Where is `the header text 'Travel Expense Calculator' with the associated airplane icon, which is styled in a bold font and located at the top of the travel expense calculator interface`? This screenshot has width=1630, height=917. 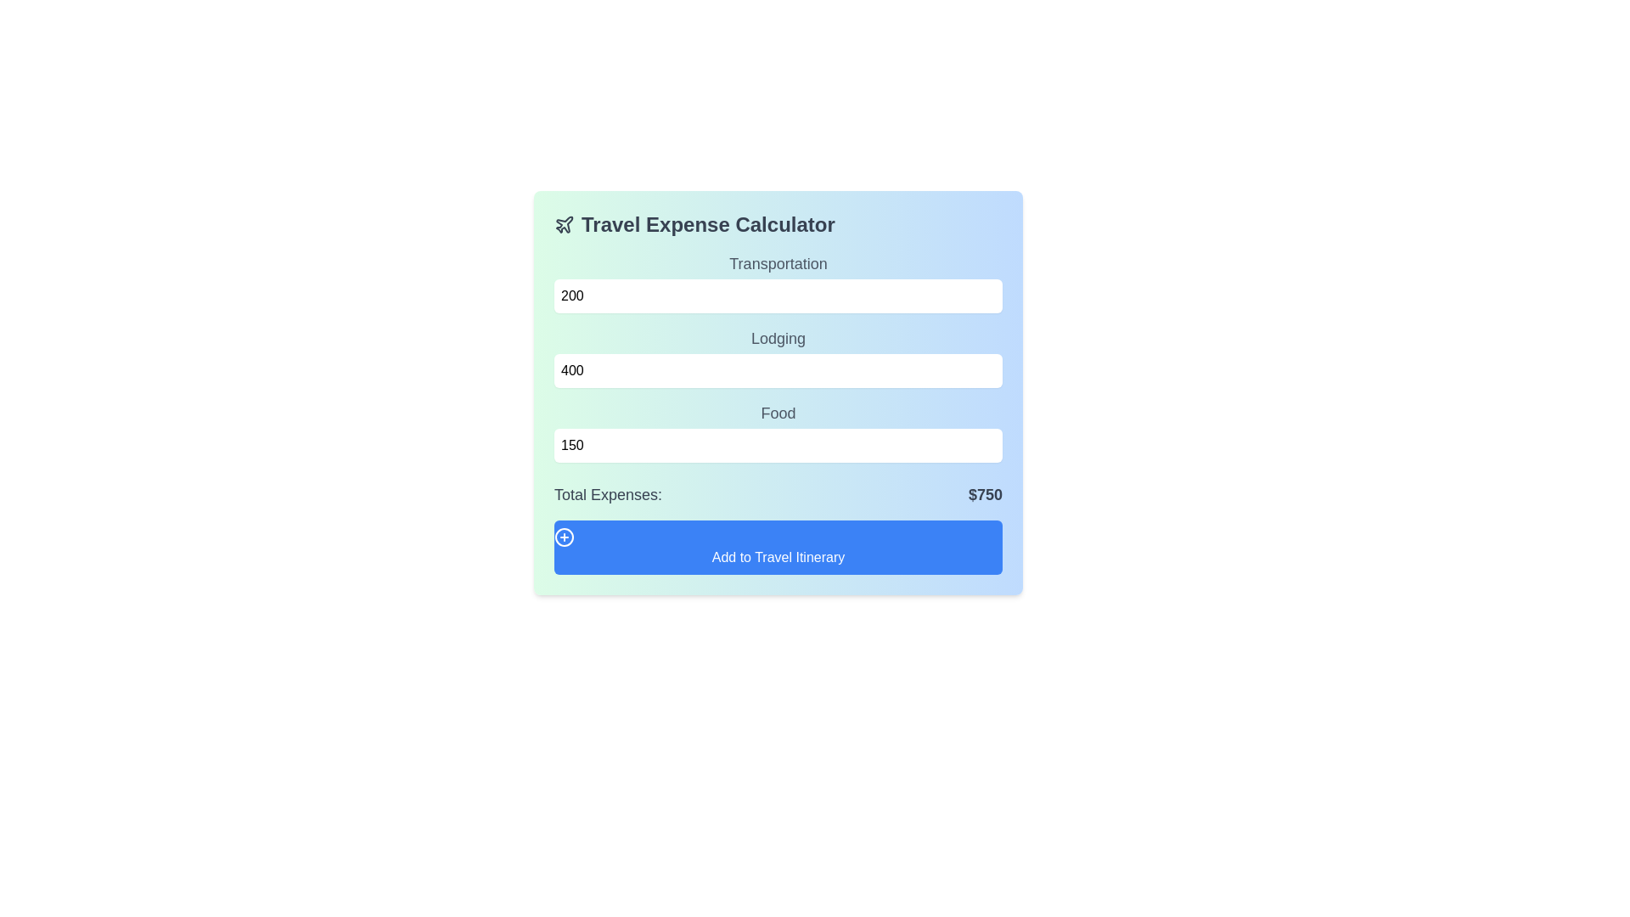
the header text 'Travel Expense Calculator' with the associated airplane icon, which is styled in a bold font and located at the top of the travel expense calculator interface is located at coordinates (777, 224).